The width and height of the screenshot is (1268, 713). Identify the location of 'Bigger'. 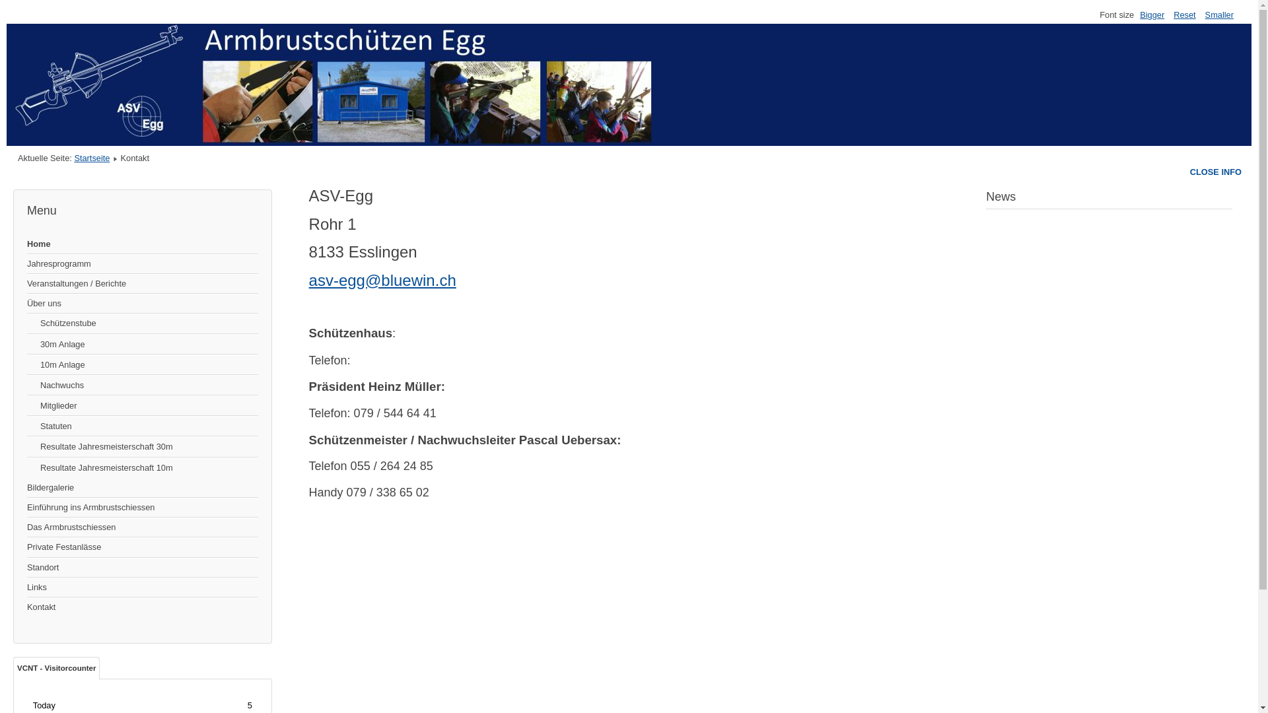
(1151, 15).